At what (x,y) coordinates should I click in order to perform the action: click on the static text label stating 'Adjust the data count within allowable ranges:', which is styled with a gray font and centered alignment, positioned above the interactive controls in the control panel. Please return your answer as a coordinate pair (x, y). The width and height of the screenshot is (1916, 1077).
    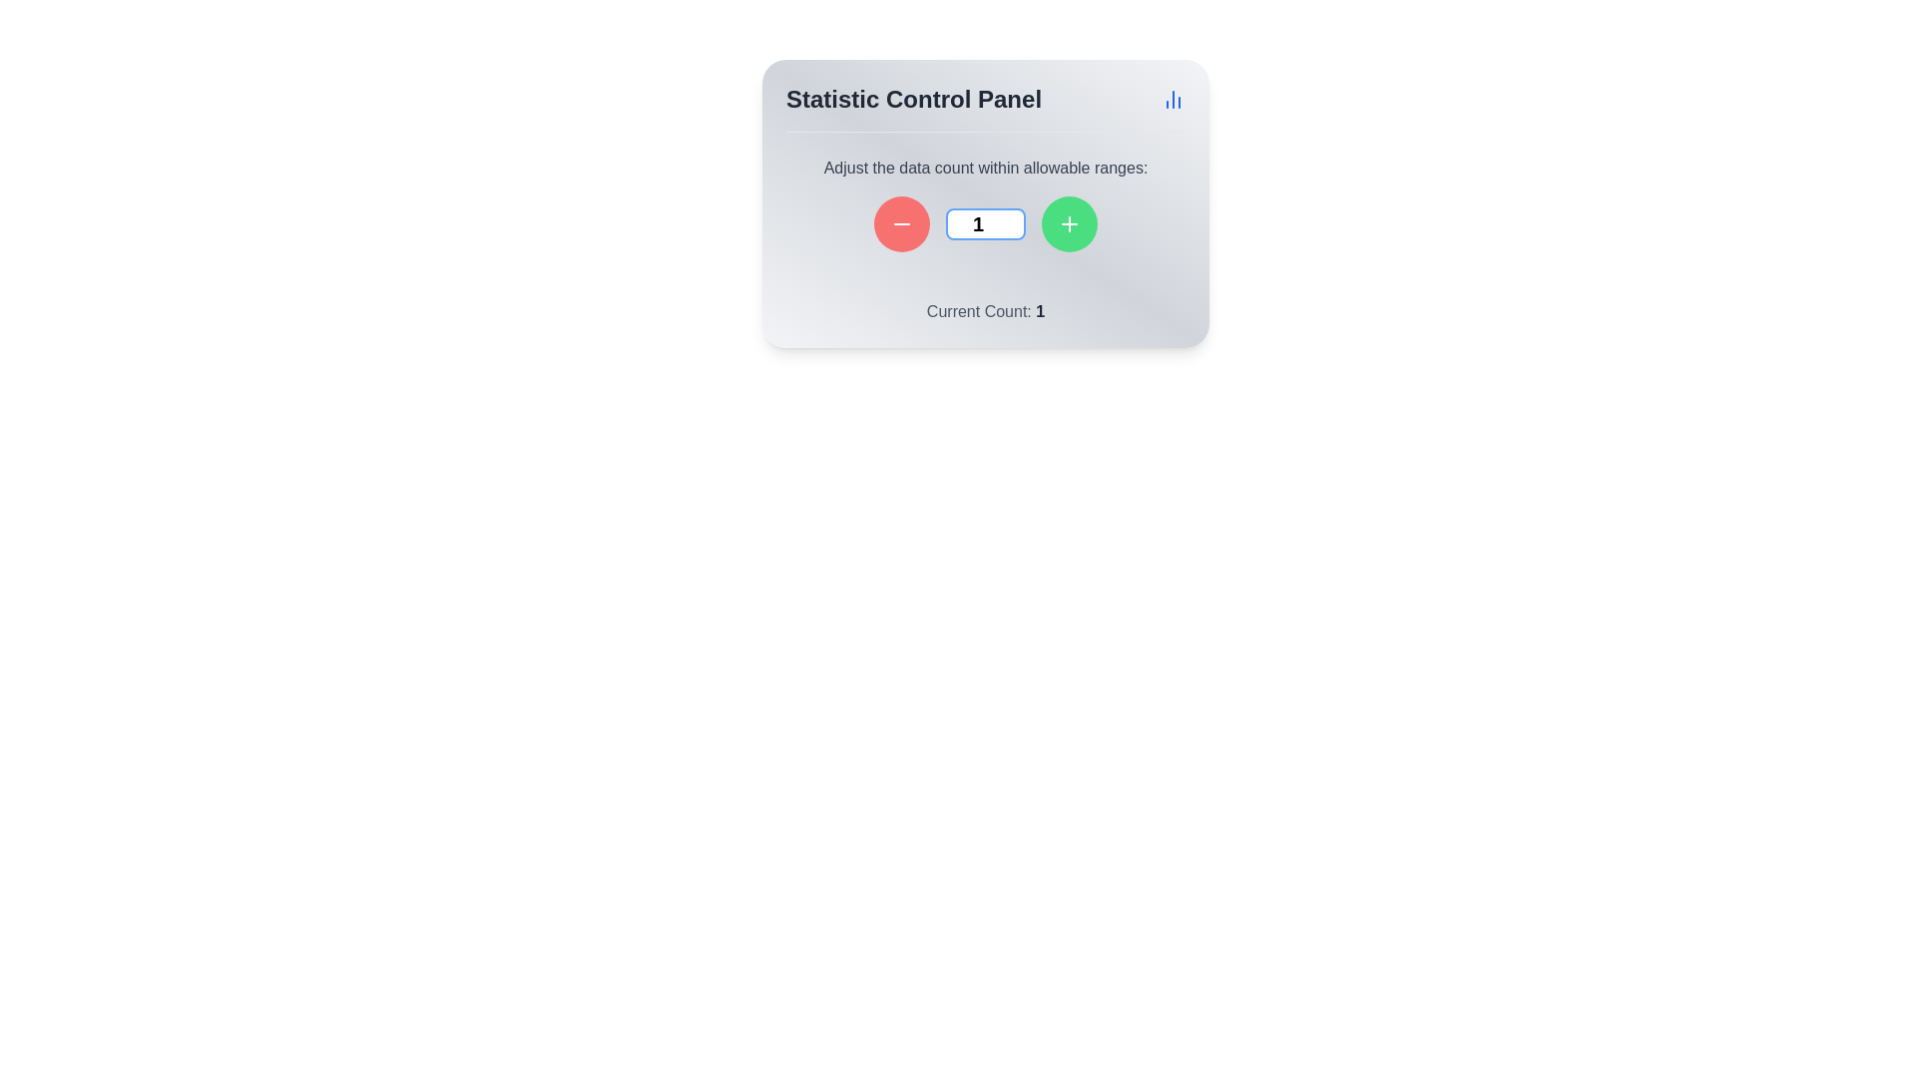
    Looking at the image, I should click on (986, 168).